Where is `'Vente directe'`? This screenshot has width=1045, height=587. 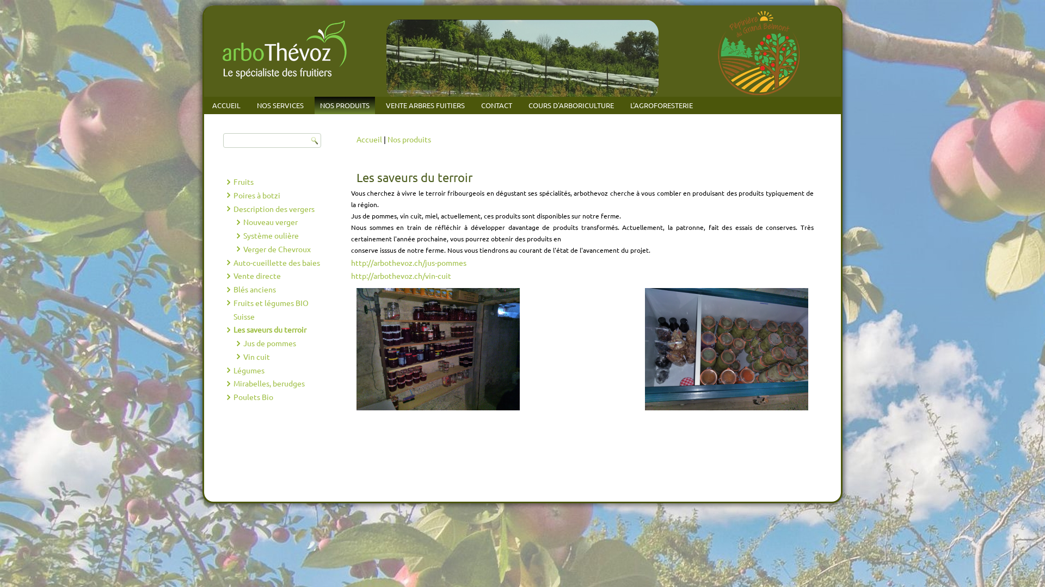
'Vente directe' is located at coordinates (256, 274).